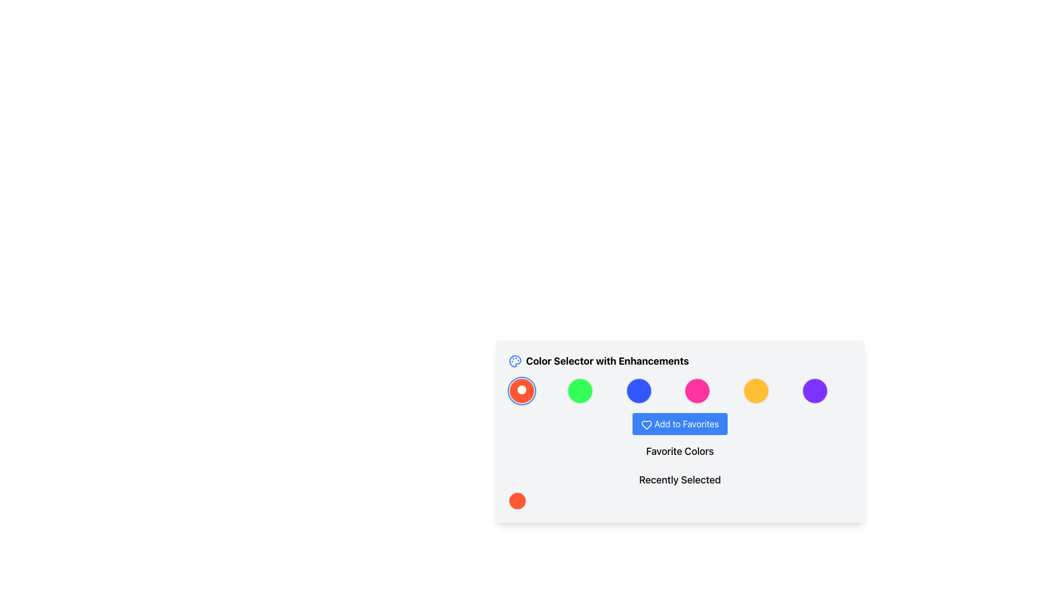  Describe the element at coordinates (679, 390) in the screenshot. I see `the grid layout element containing six circular color buttons, specifically the one highlighted in blue and red` at that location.